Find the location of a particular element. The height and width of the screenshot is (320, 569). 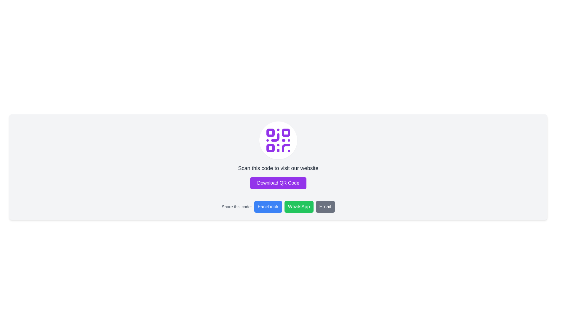

the decorative square, which is the second square of the three larger squares in the QR code that encodes information for scanning is located at coordinates (286, 132).